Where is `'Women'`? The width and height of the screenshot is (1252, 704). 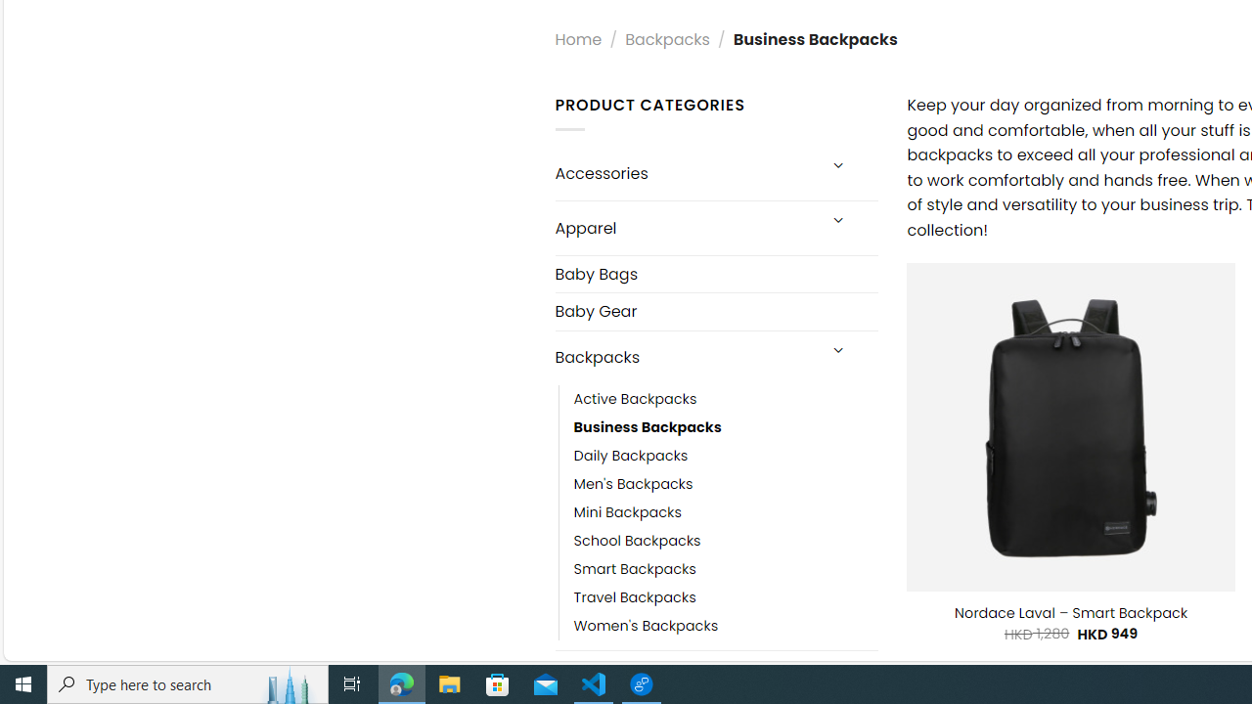 'Women' is located at coordinates (646, 626).